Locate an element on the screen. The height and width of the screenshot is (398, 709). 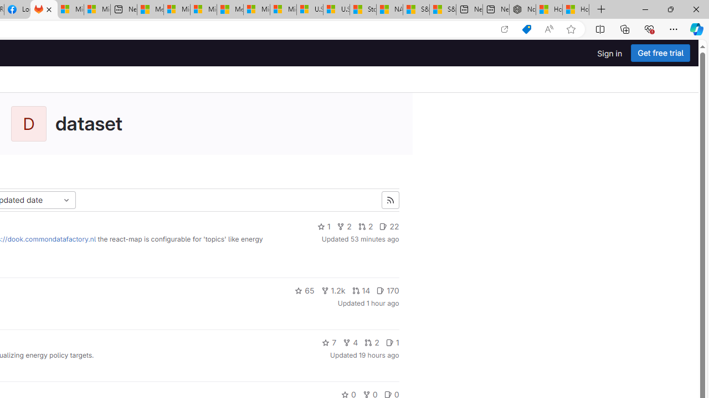
'Sign in' is located at coordinates (609, 53).